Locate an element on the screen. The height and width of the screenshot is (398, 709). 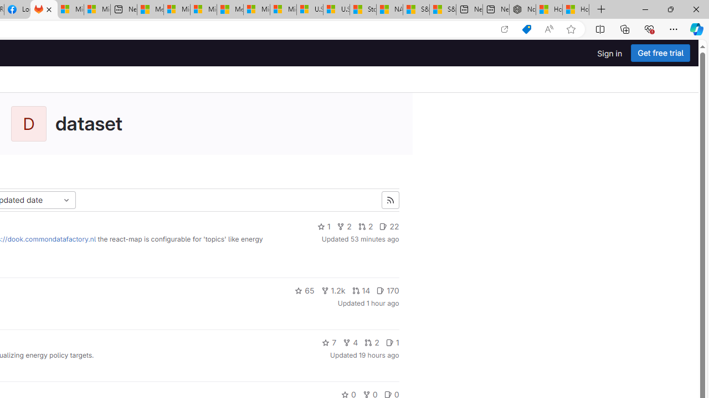
'Sign in' is located at coordinates (609, 53).